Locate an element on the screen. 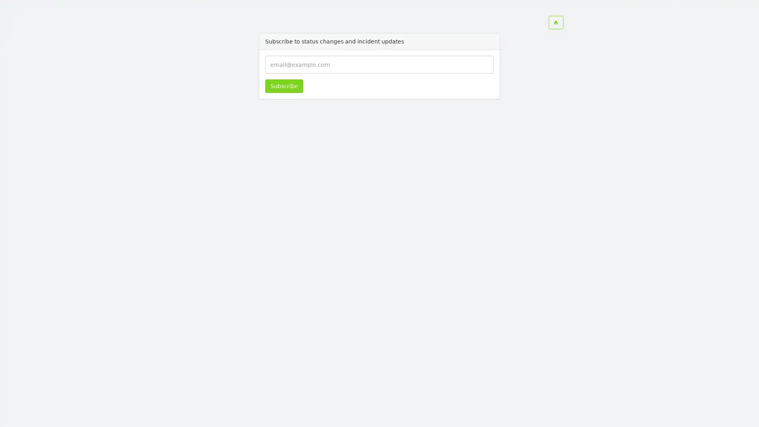  Subscribe is located at coordinates (284, 86).